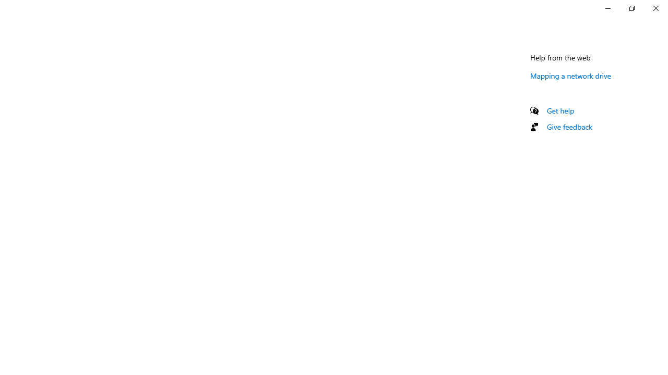 The height and width of the screenshot is (375, 668). What do you see at coordinates (607, 8) in the screenshot?
I see `'Minimize Settings'` at bounding box center [607, 8].